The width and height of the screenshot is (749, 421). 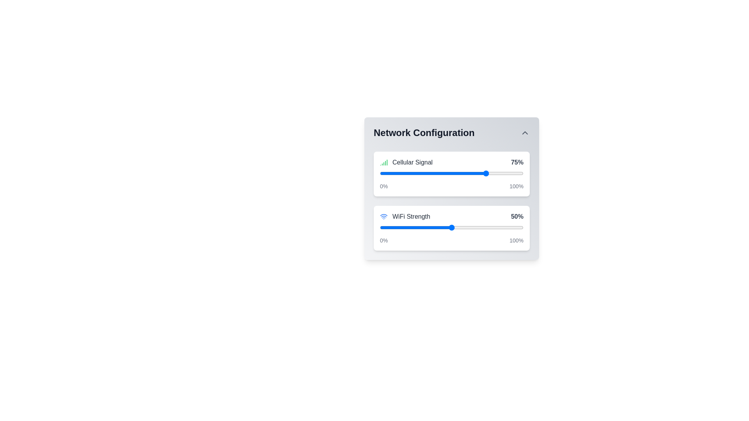 What do you see at coordinates (437, 173) in the screenshot?
I see `the cellular signal strength` at bounding box center [437, 173].